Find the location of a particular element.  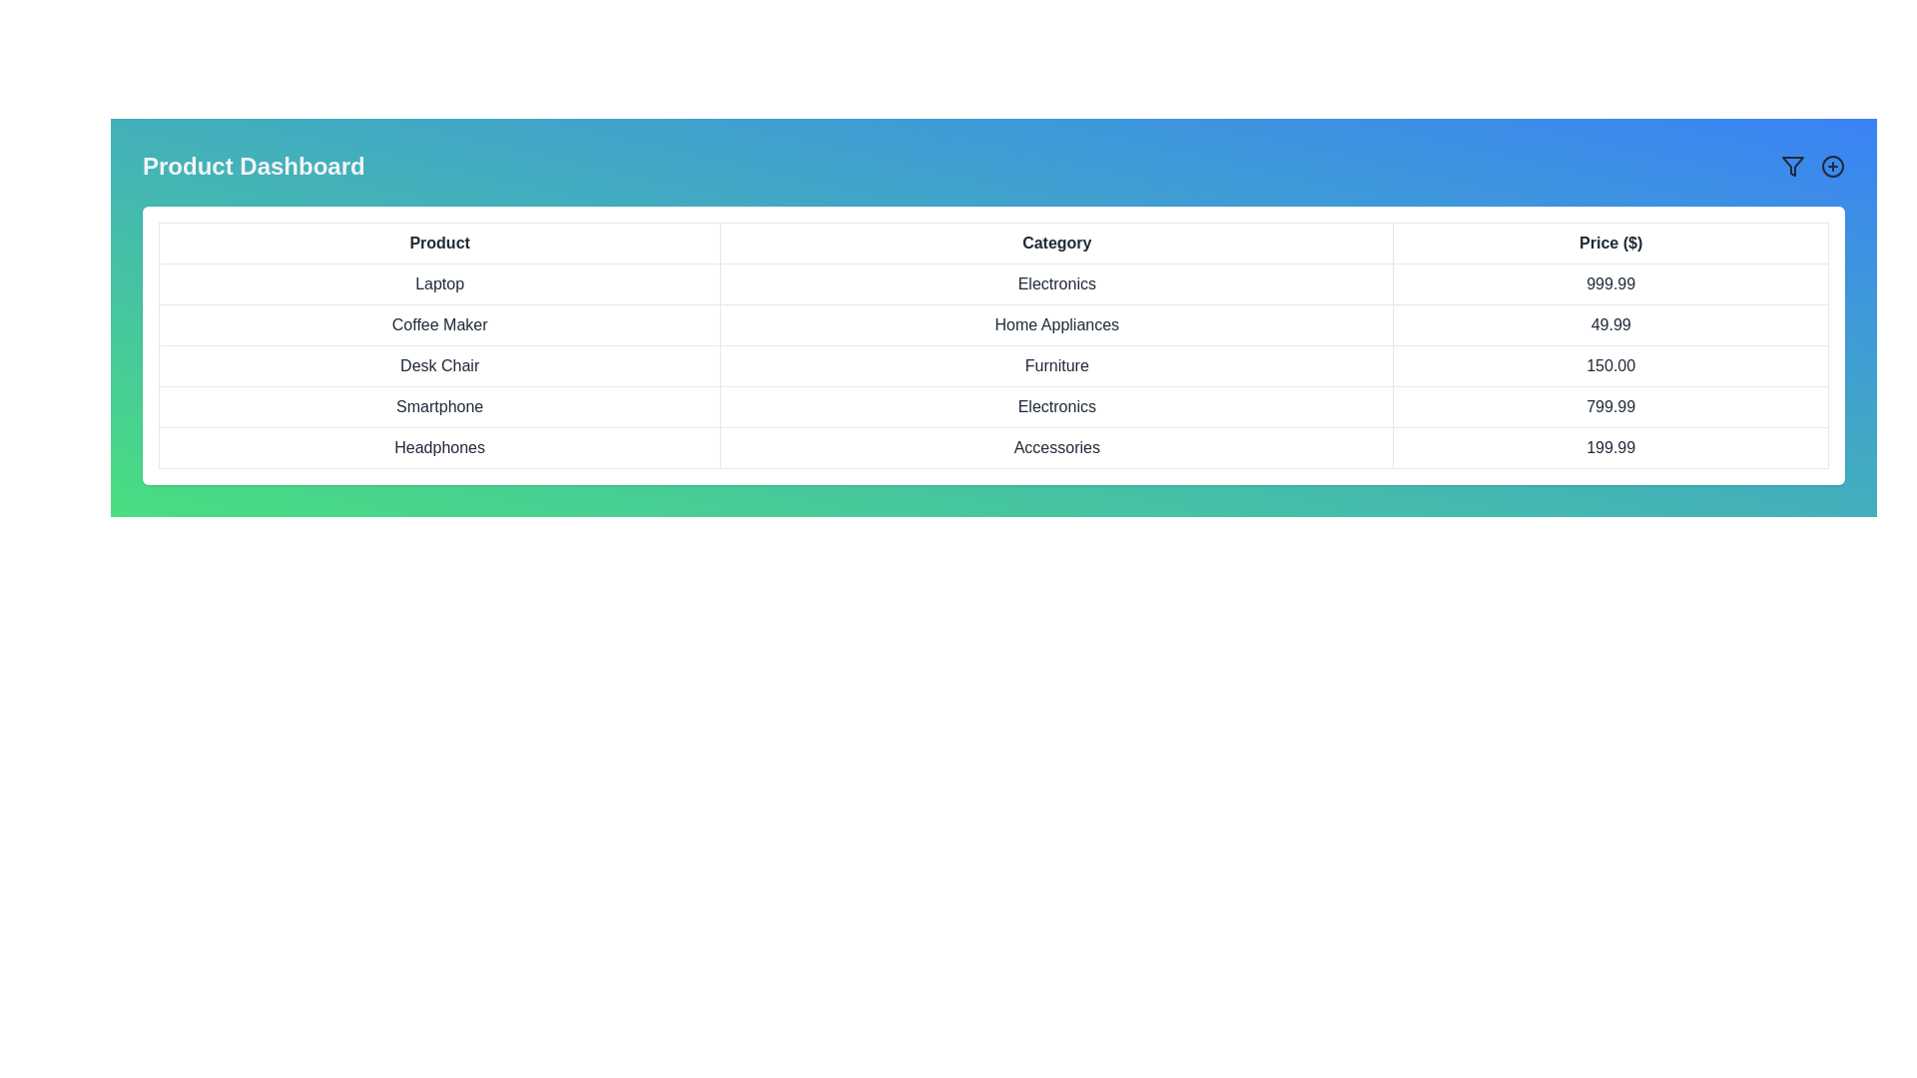

the funnel-shaped icon button located at the top-right corner of the interface is located at coordinates (1792, 165).